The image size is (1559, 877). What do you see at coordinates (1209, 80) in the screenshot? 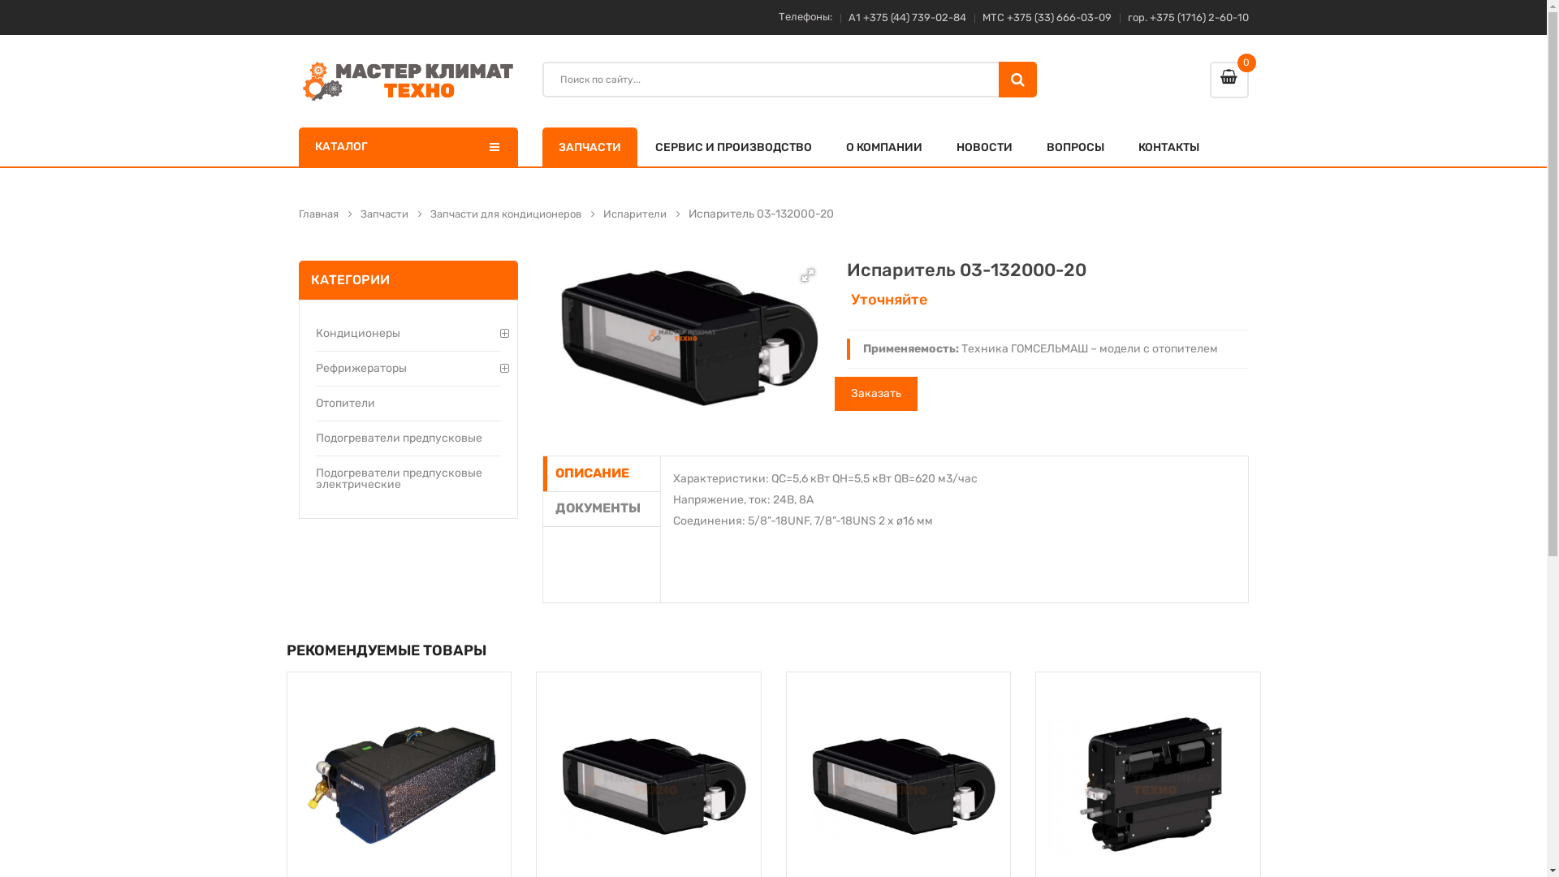
I see `'0'` at bounding box center [1209, 80].